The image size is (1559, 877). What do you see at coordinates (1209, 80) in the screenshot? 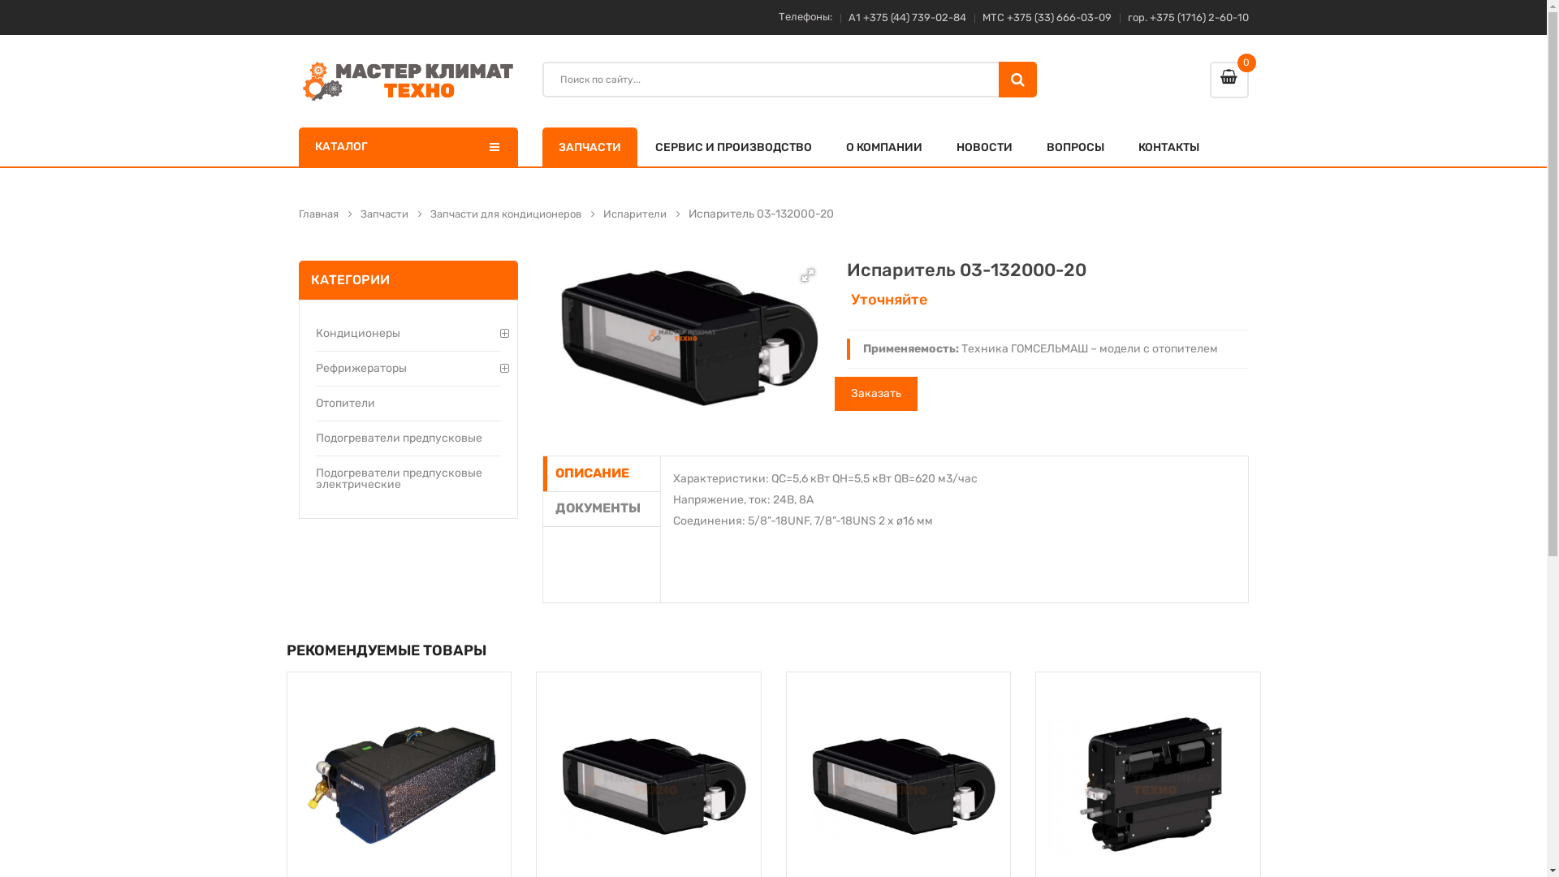
I see `'0'` at bounding box center [1209, 80].